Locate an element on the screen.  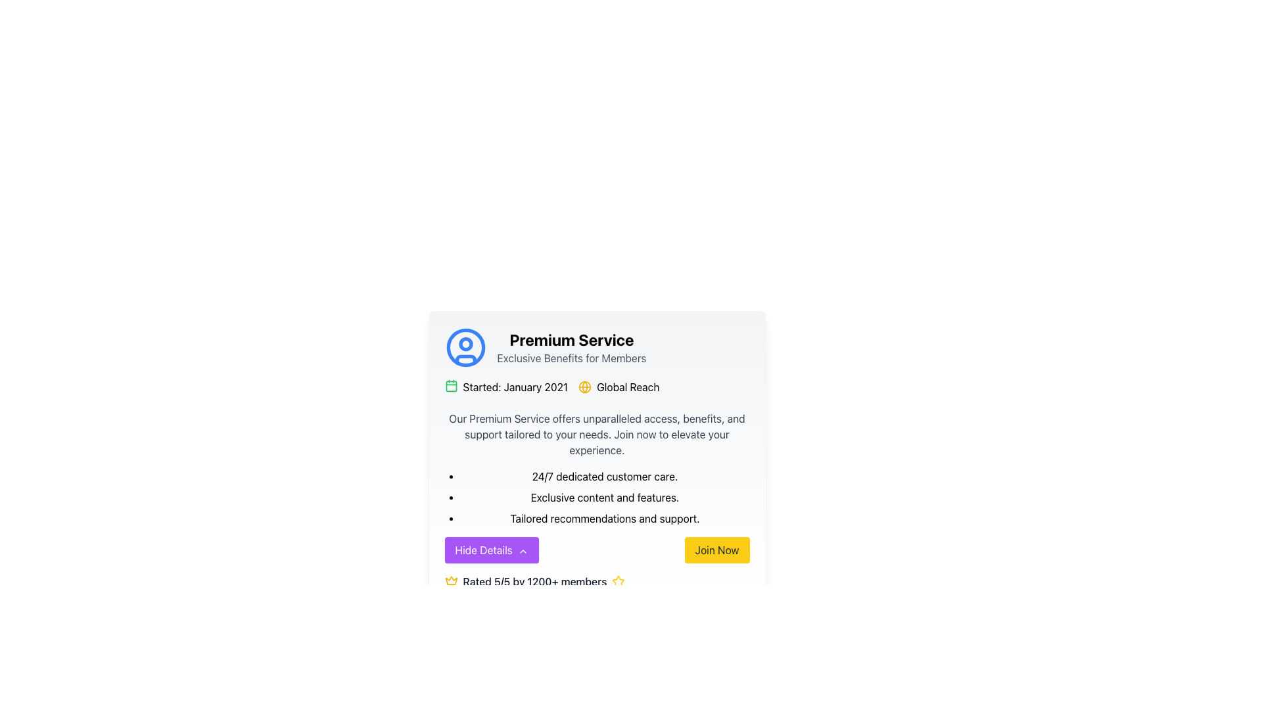
the non-interactive text element that summarizes user feedback or ratings, located centrally between a yellow star icon and a yellow crown icon, below the 'Hide Details' button is located at coordinates (534, 580).